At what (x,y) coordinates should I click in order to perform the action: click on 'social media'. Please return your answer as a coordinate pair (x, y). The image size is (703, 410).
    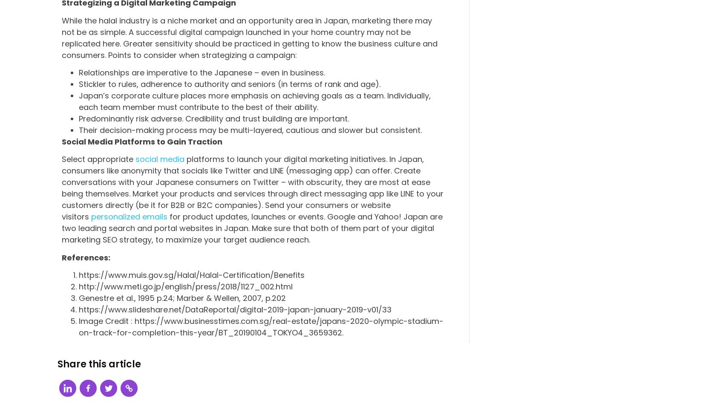
    Looking at the image, I should click on (160, 159).